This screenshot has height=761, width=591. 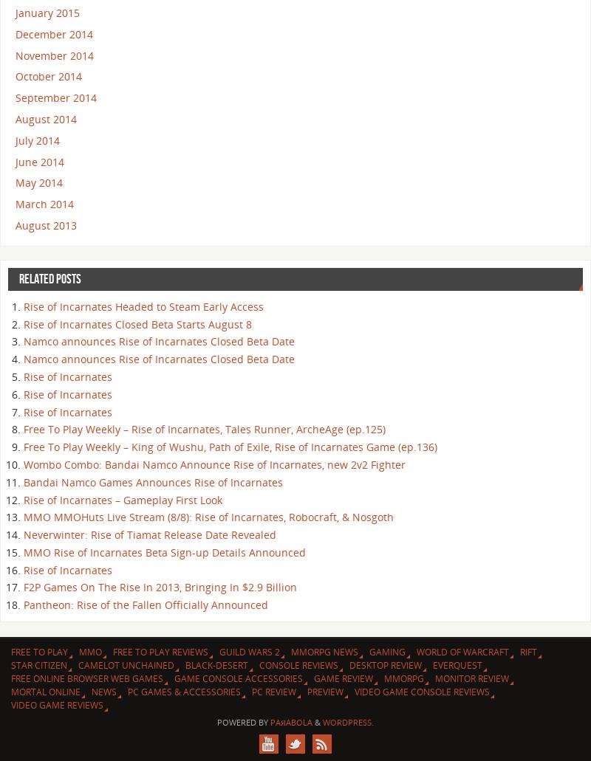 I want to click on 'August 2013', so click(x=45, y=224).